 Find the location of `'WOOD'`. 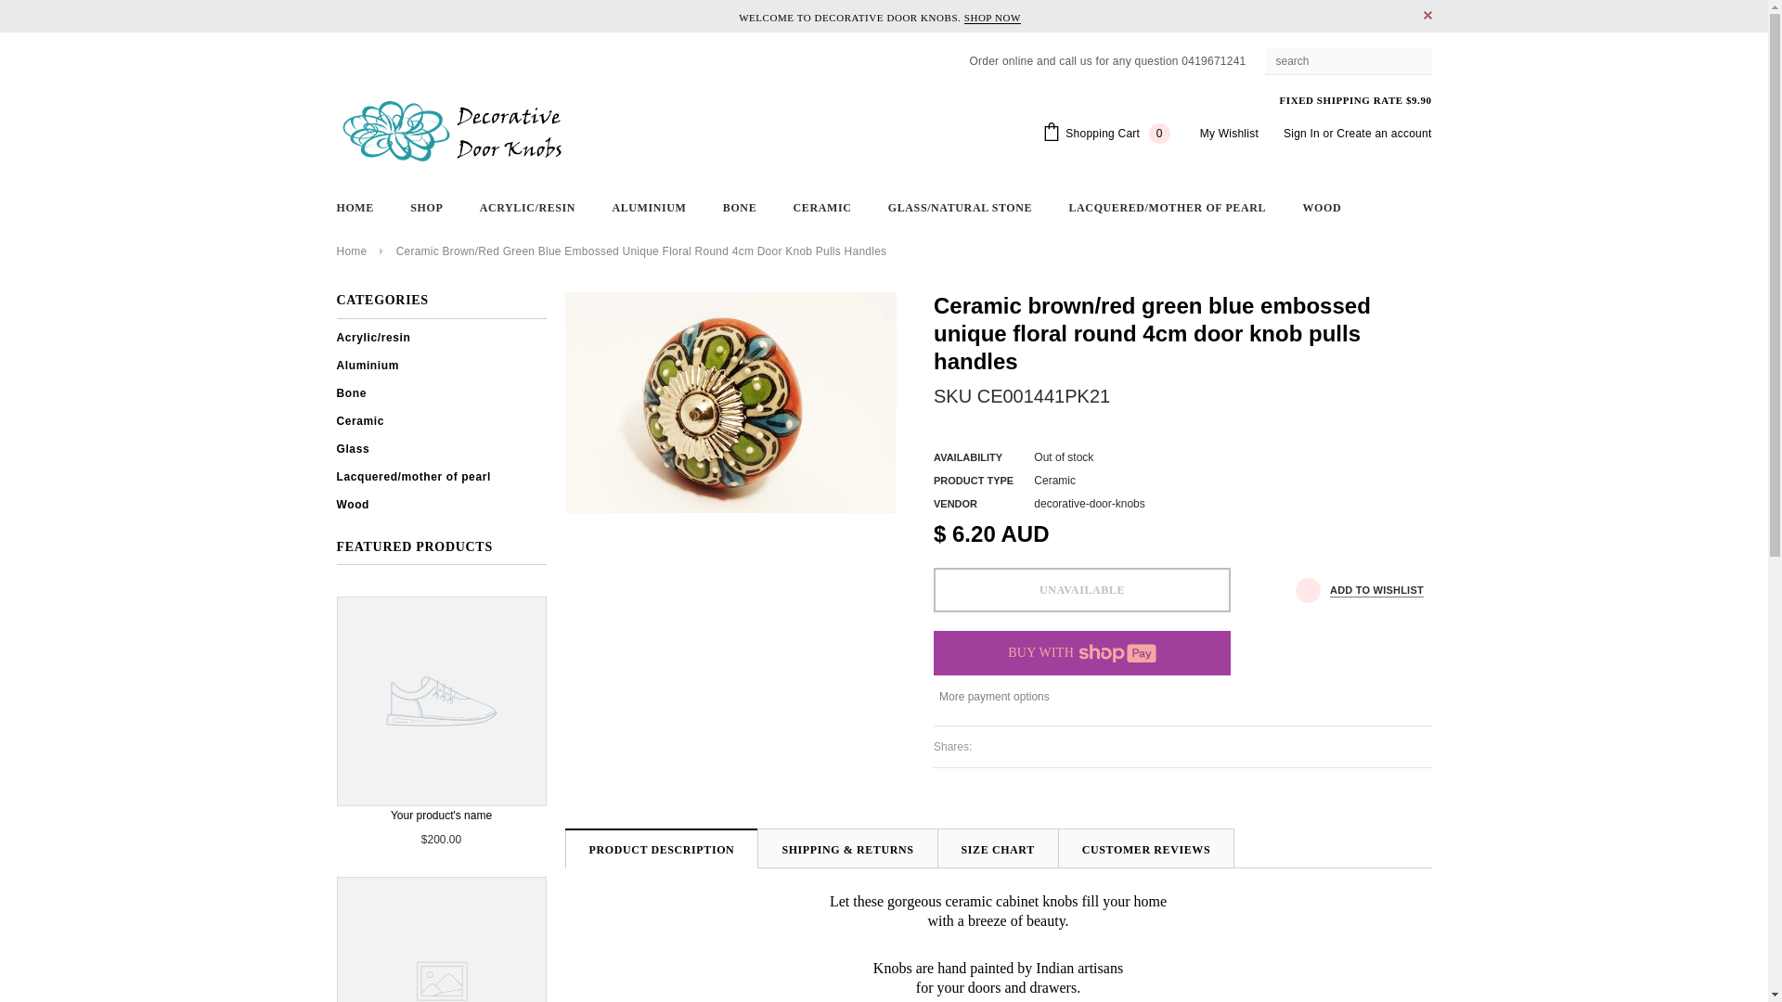

'WOOD' is located at coordinates (1321, 207).